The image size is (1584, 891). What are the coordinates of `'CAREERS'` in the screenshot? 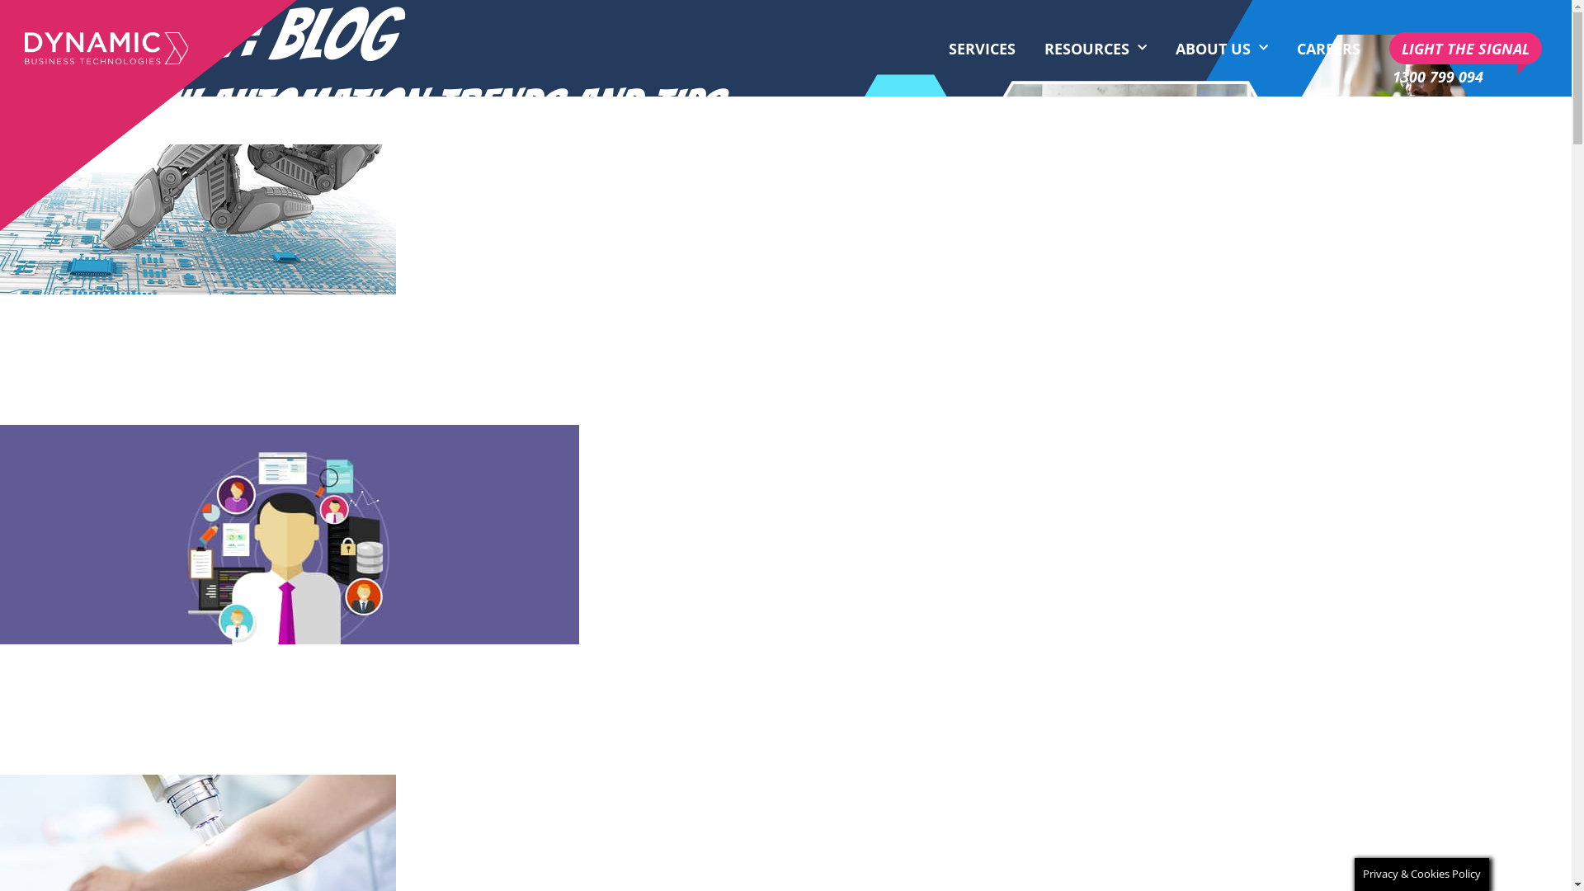 It's located at (1295, 47).